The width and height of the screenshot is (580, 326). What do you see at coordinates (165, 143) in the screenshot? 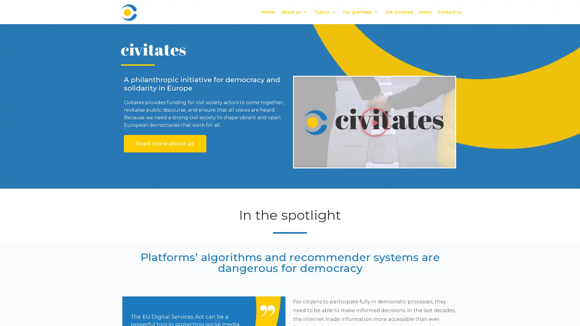
I see `Read more about us` at bounding box center [165, 143].